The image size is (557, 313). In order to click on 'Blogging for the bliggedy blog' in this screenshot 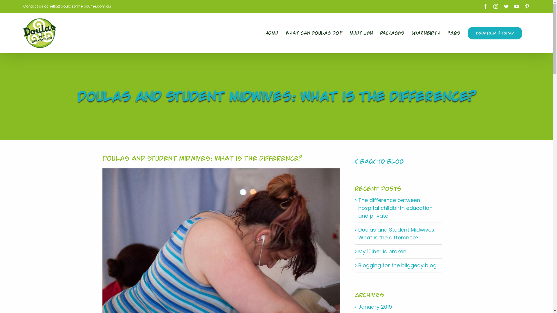, I will do `click(397, 265)`.